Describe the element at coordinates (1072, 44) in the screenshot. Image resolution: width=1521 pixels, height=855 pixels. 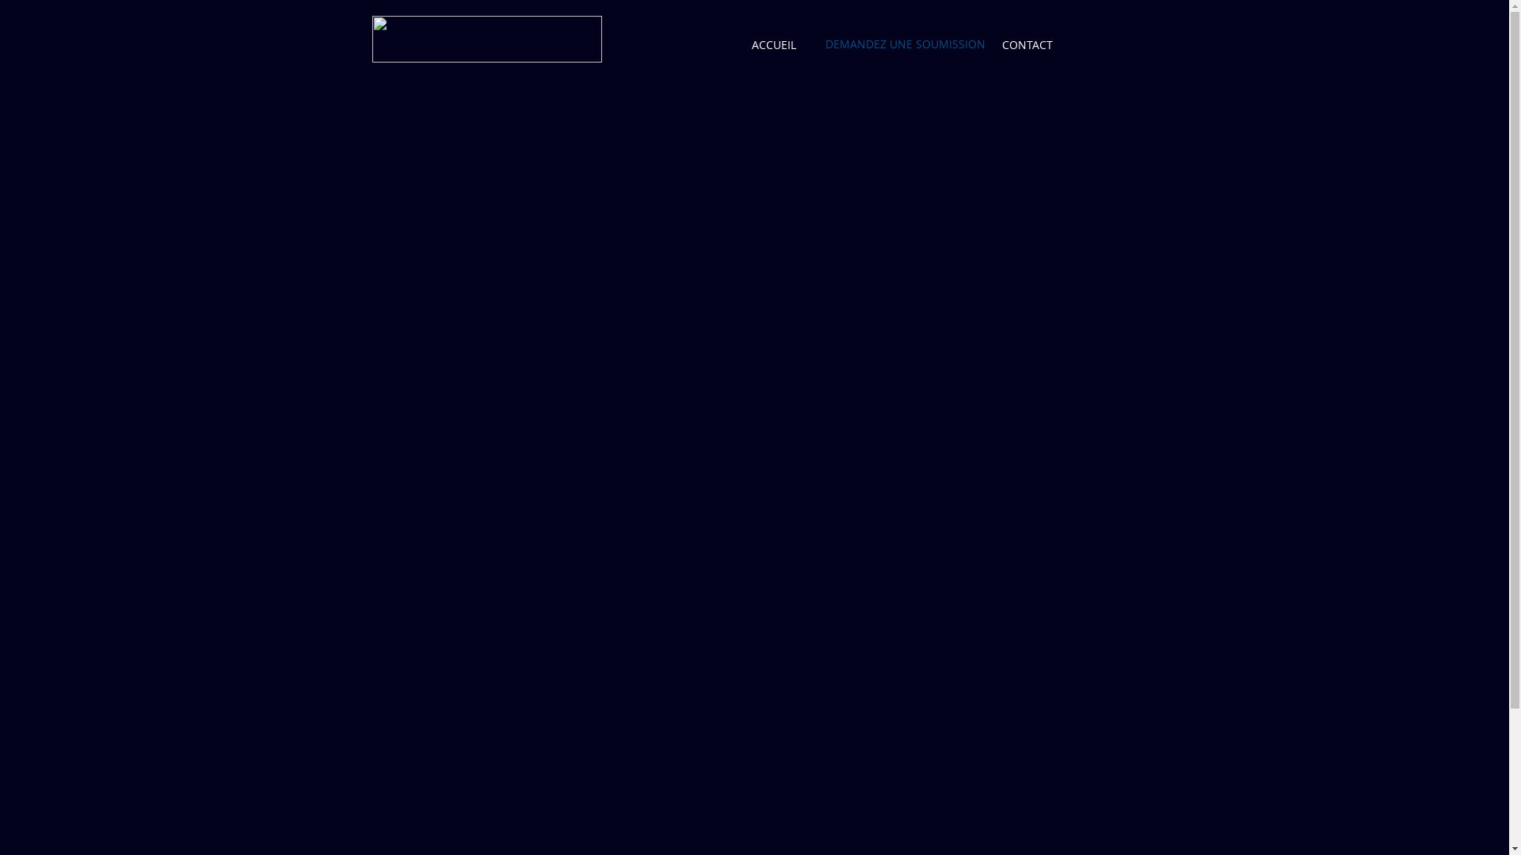
I see `'Wix Language Menu'` at that location.